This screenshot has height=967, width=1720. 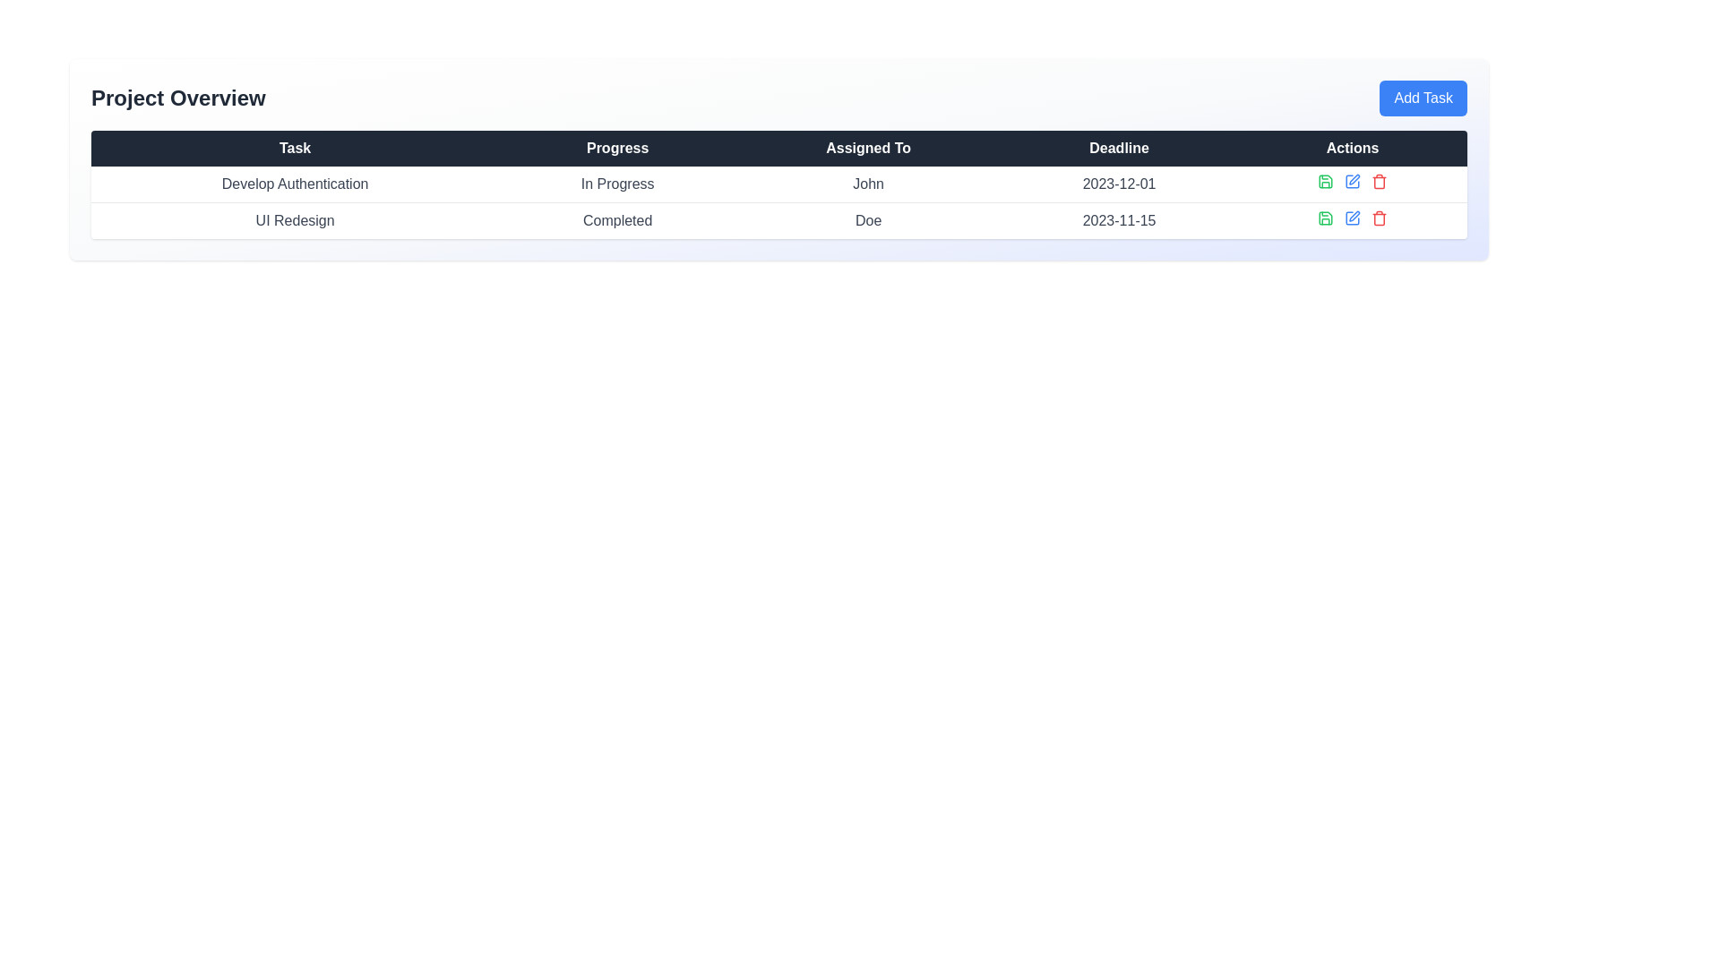 What do you see at coordinates (868, 219) in the screenshot?
I see `the static text label displaying 'Doe', which represents the assignee for the task 'UI Redesign' located in the 'Assigned To' column of the table` at bounding box center [868, 219].